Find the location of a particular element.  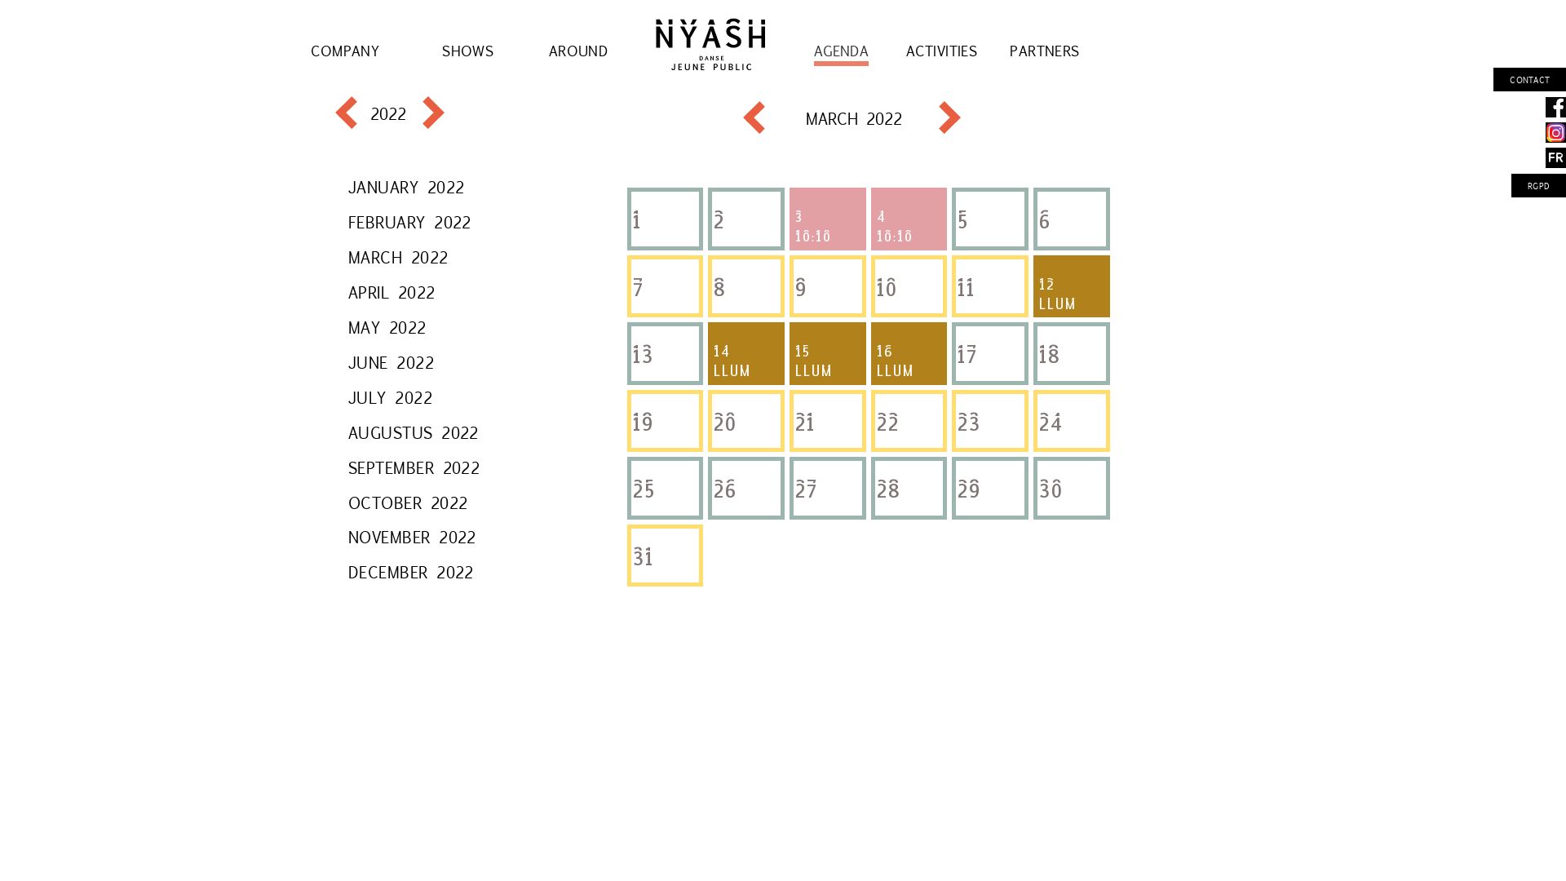

'NOVEMBER 2022' is located at coordinates (412, 536).